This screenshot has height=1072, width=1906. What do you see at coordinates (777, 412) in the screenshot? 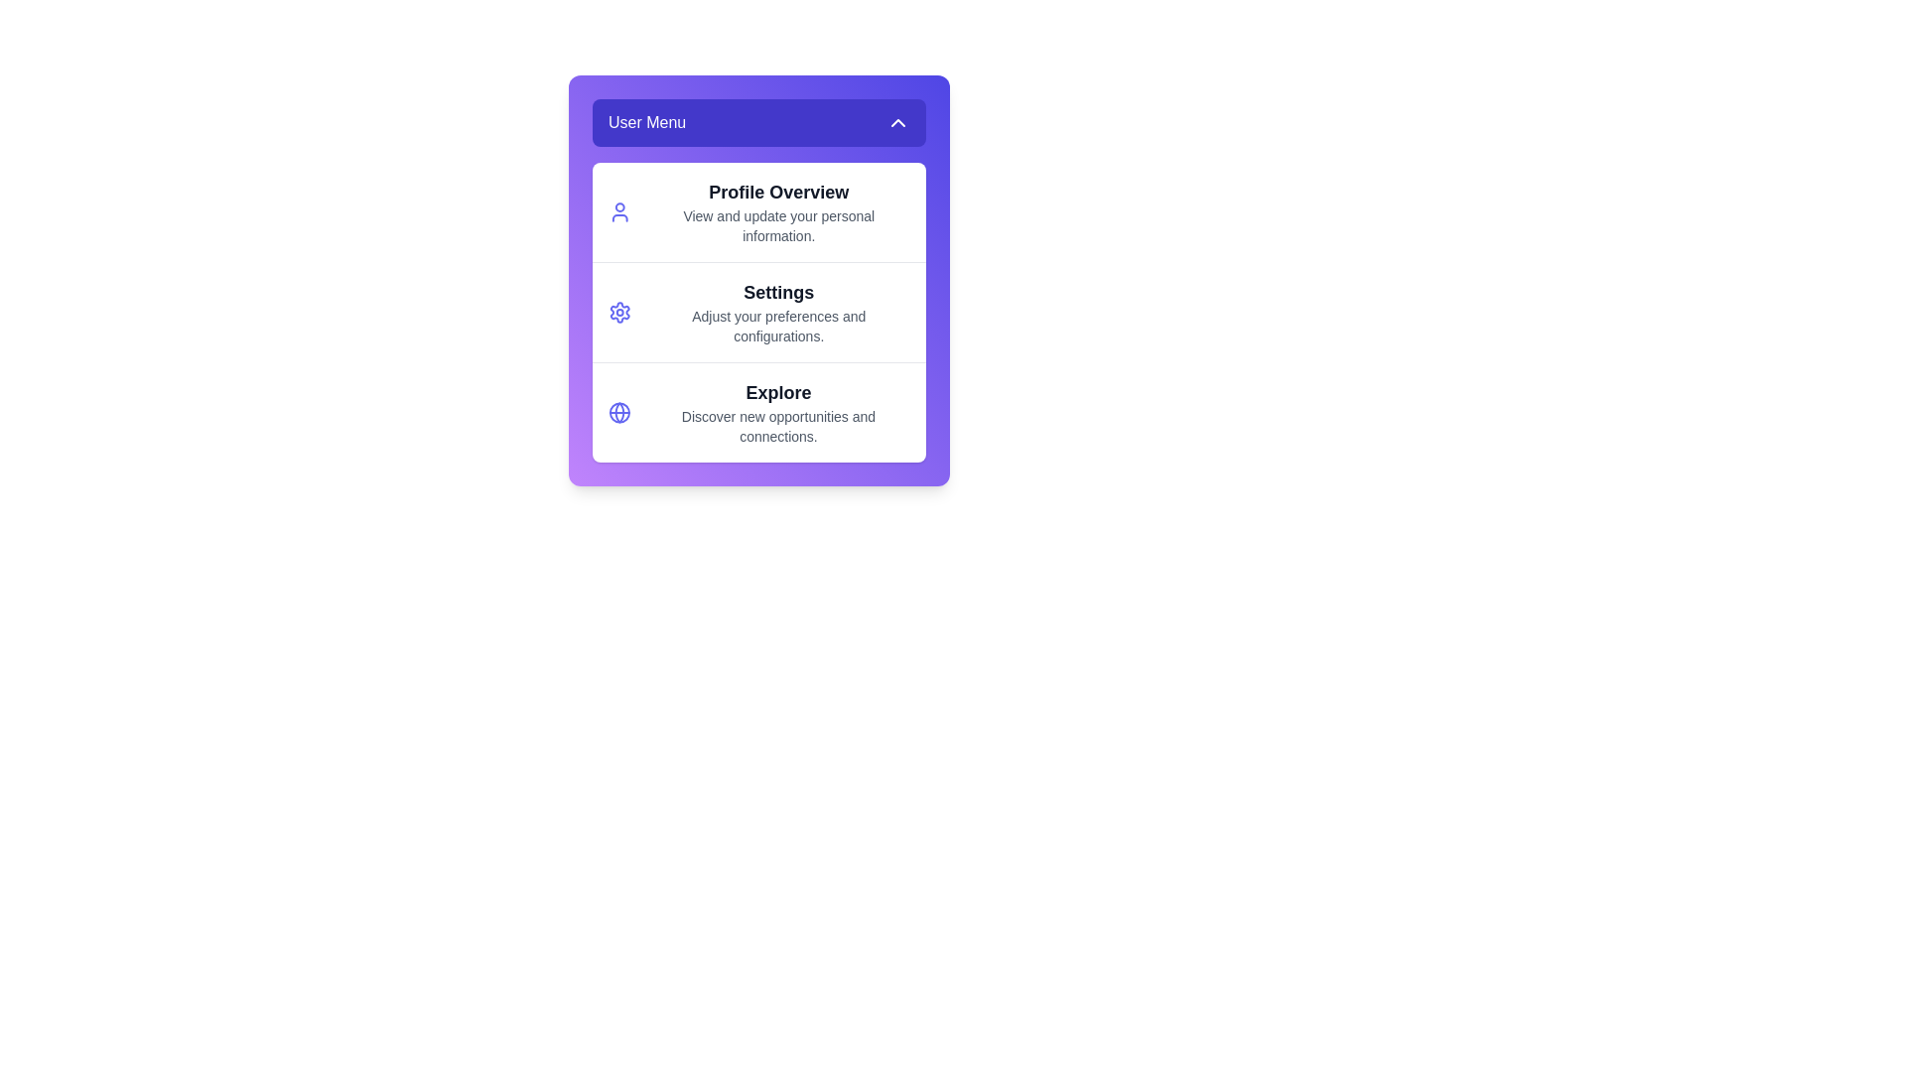
I see `the third item in the 'User Menu' labeled as a Text block with heading and description to read the additional tooltip` at bounding box center [777, 412].